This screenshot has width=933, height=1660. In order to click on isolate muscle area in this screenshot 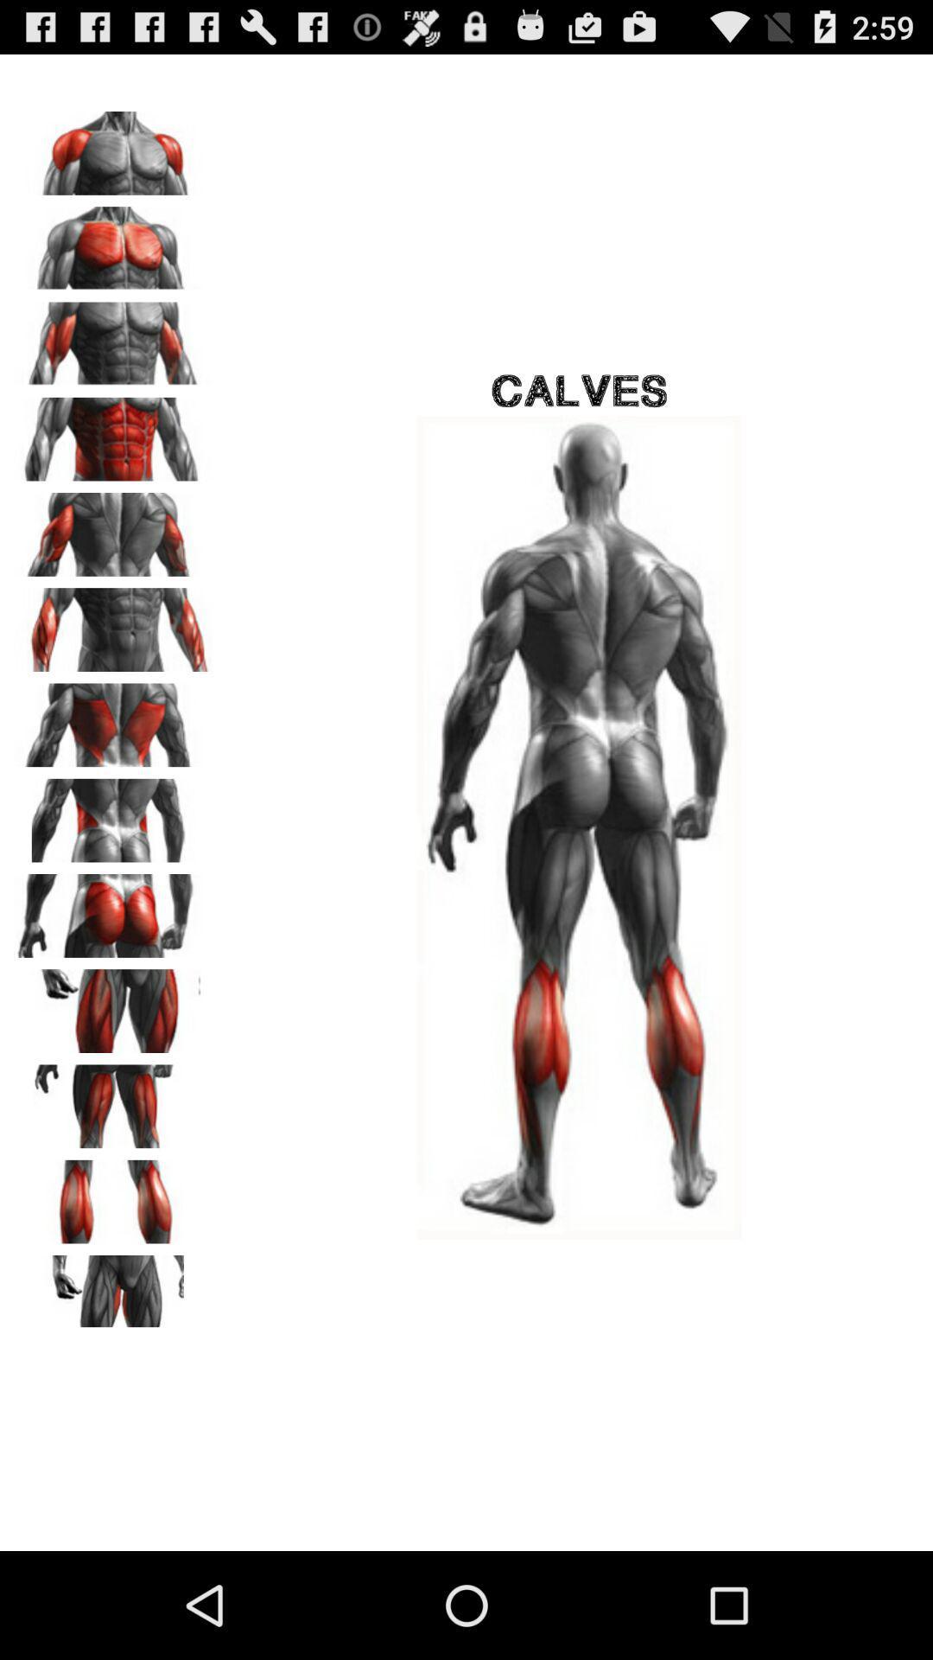, I will do `click(113, 527)`.